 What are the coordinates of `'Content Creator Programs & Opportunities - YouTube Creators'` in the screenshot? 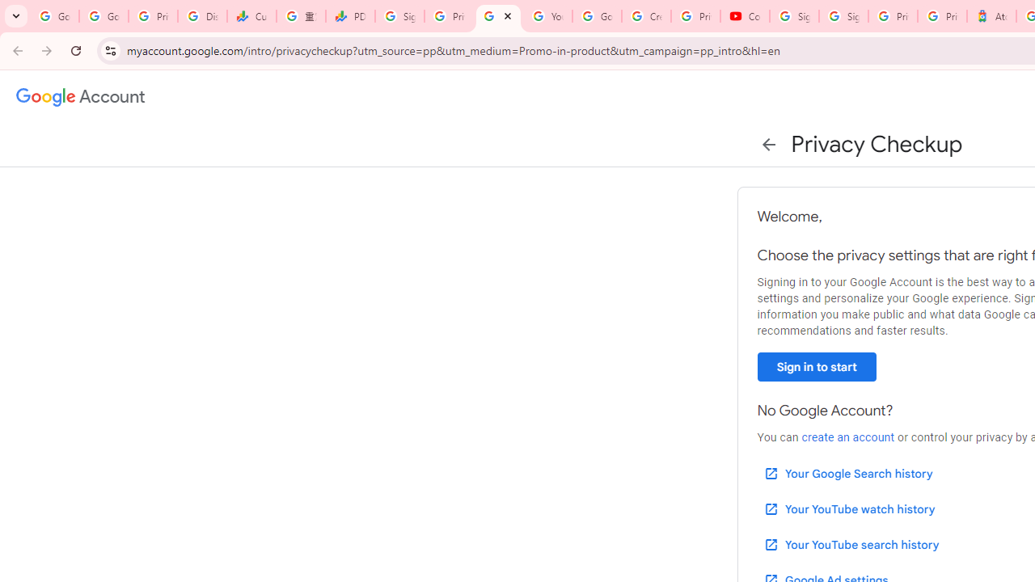 It's located at (744, 16).